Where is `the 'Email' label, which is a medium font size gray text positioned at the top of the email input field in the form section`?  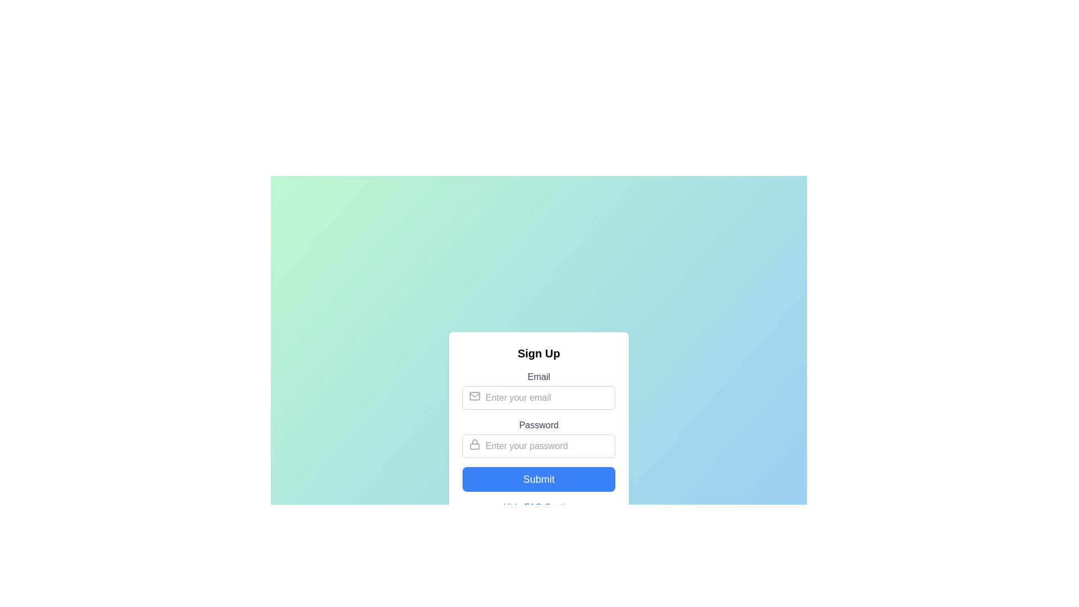
the 'Email' label, which is a medium font size gray text positioned at the top of the email input field in the form section is located at coordinates (538, 377).